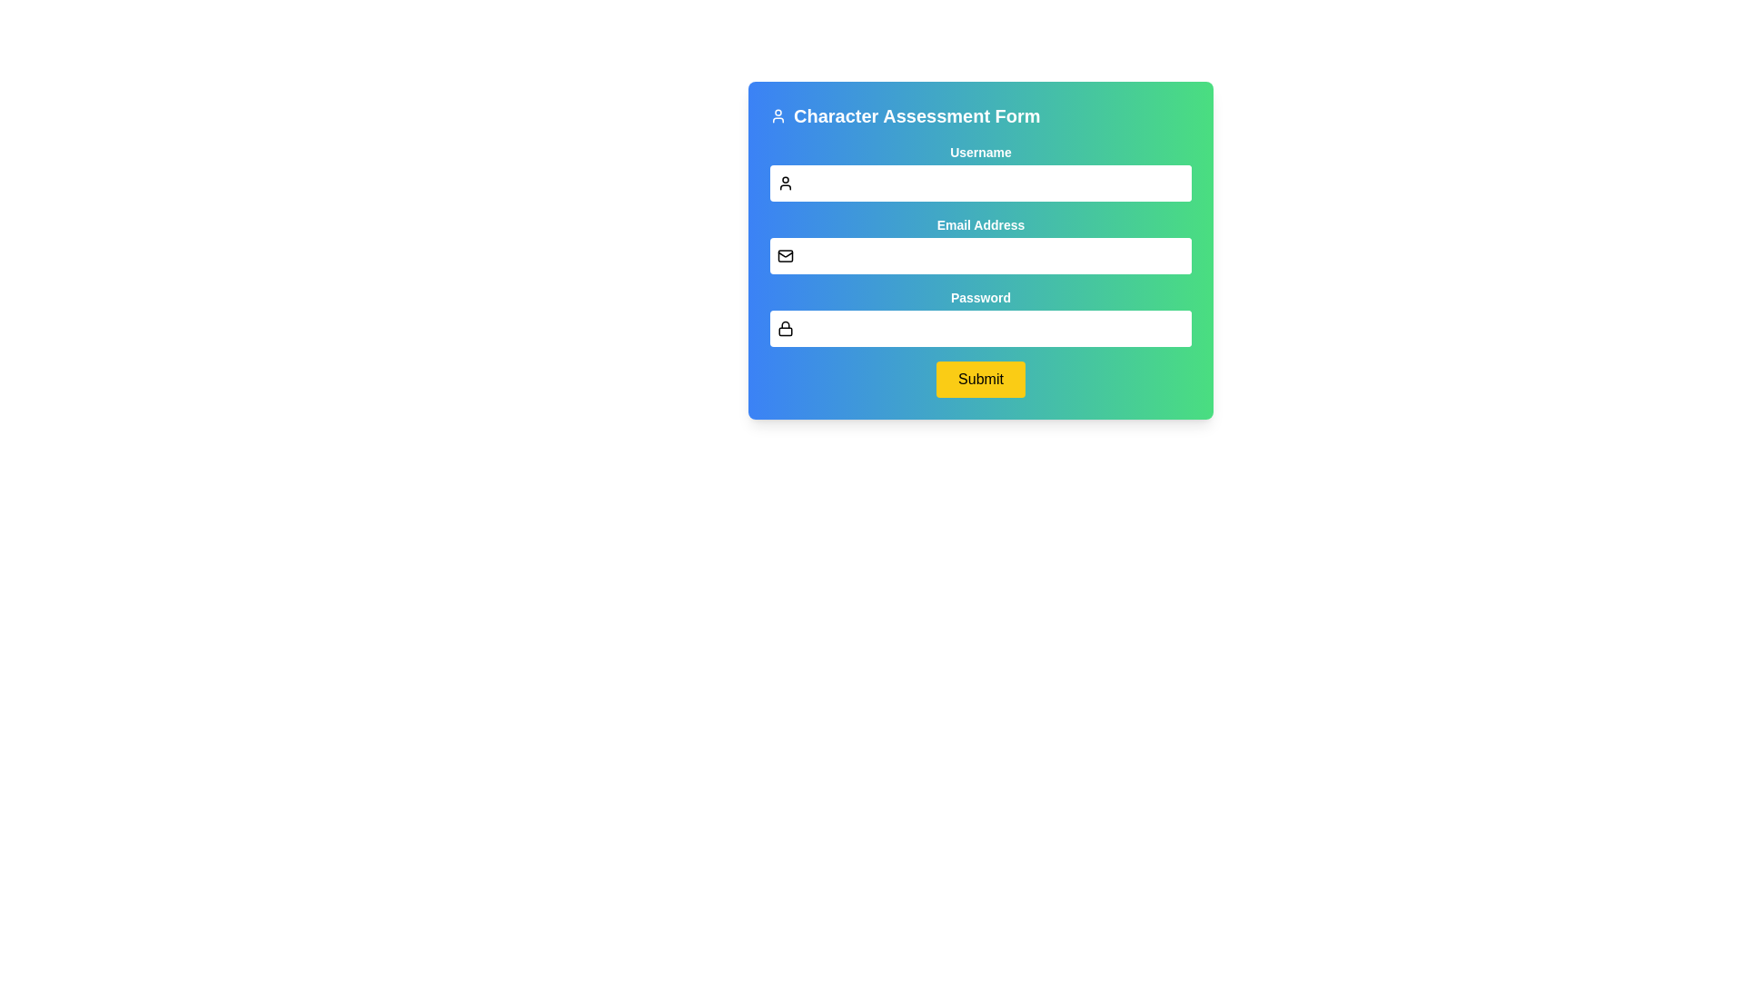 The width and height of the screenshot is (1744, 981). Describe the element at coordinates (785, 183) in the screenshot. I see `the icon that indicates the purpose of the adjacent username input field, located to the left of the input box` at that location.